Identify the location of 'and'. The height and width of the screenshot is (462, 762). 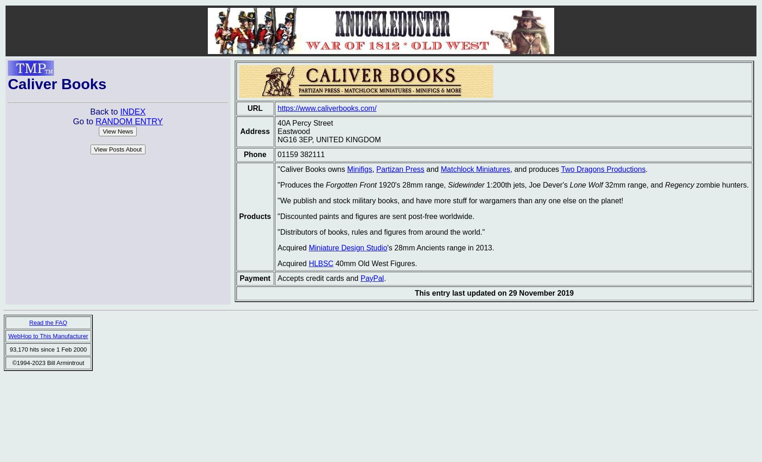
(432, 169).